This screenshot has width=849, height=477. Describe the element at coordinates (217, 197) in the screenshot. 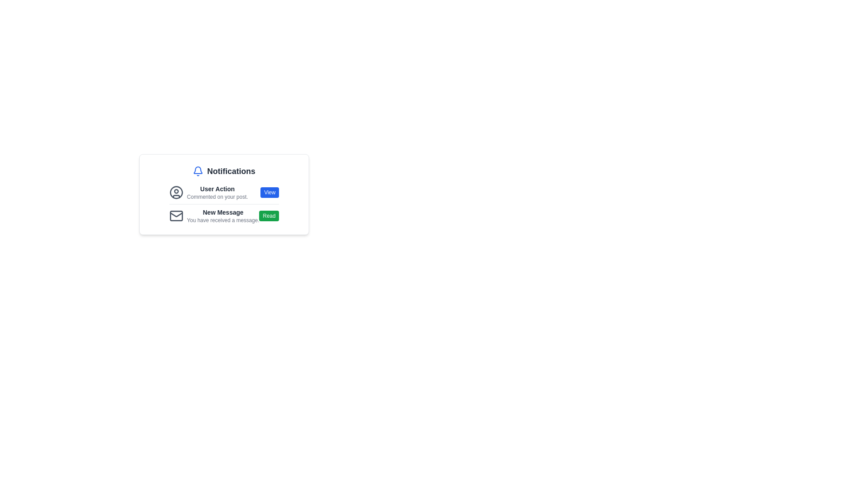

I see `text label that provides context about a comment added to the user's post, positioned under 'User Action' within the notification card` at that location.